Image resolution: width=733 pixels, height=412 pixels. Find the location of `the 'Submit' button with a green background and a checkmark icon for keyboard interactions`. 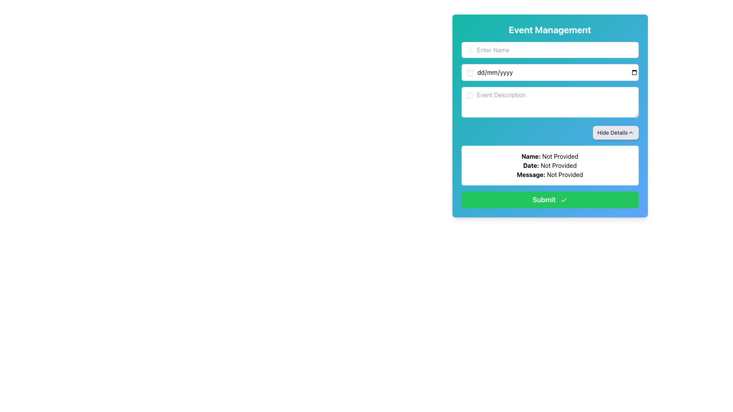

the 'Submit' button with a green background and a checkmark icon for keyboard interactions is located at coordinates (550, 200).